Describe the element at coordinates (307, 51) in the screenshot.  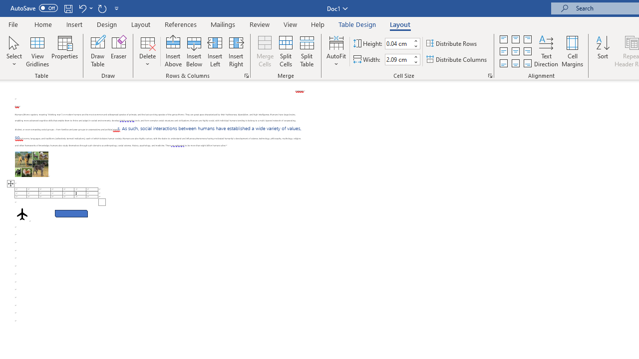
I see `'Split Table'` at that location.